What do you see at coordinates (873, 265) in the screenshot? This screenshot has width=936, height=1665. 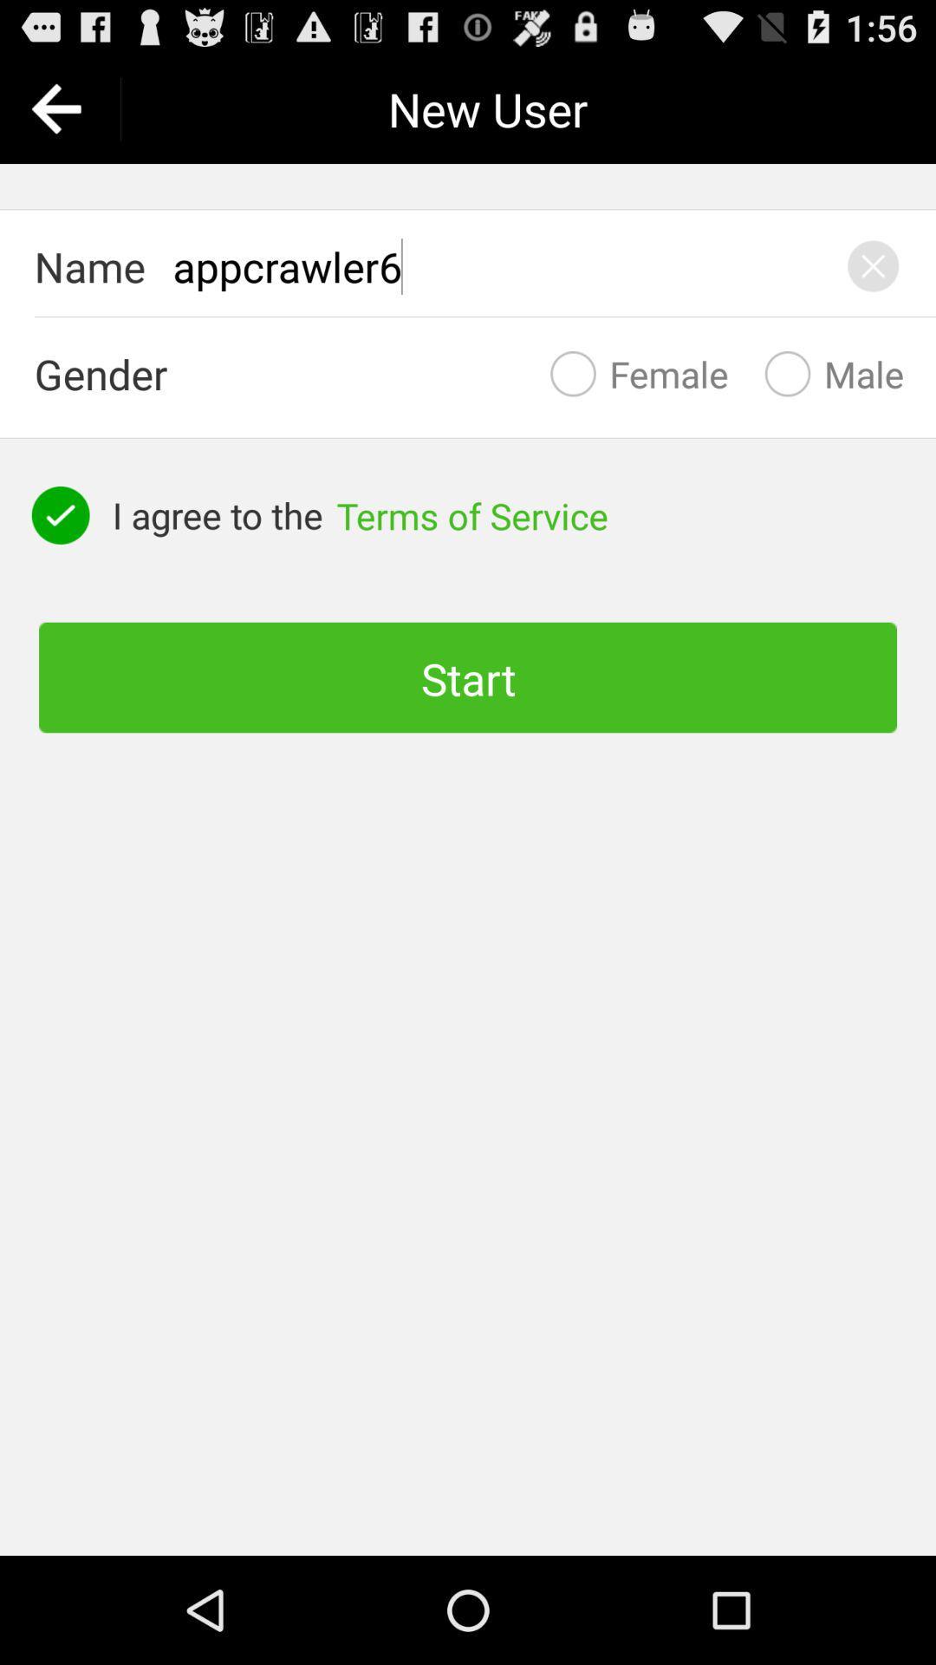 I see `clears entered text` at bounding box center [873, 265].